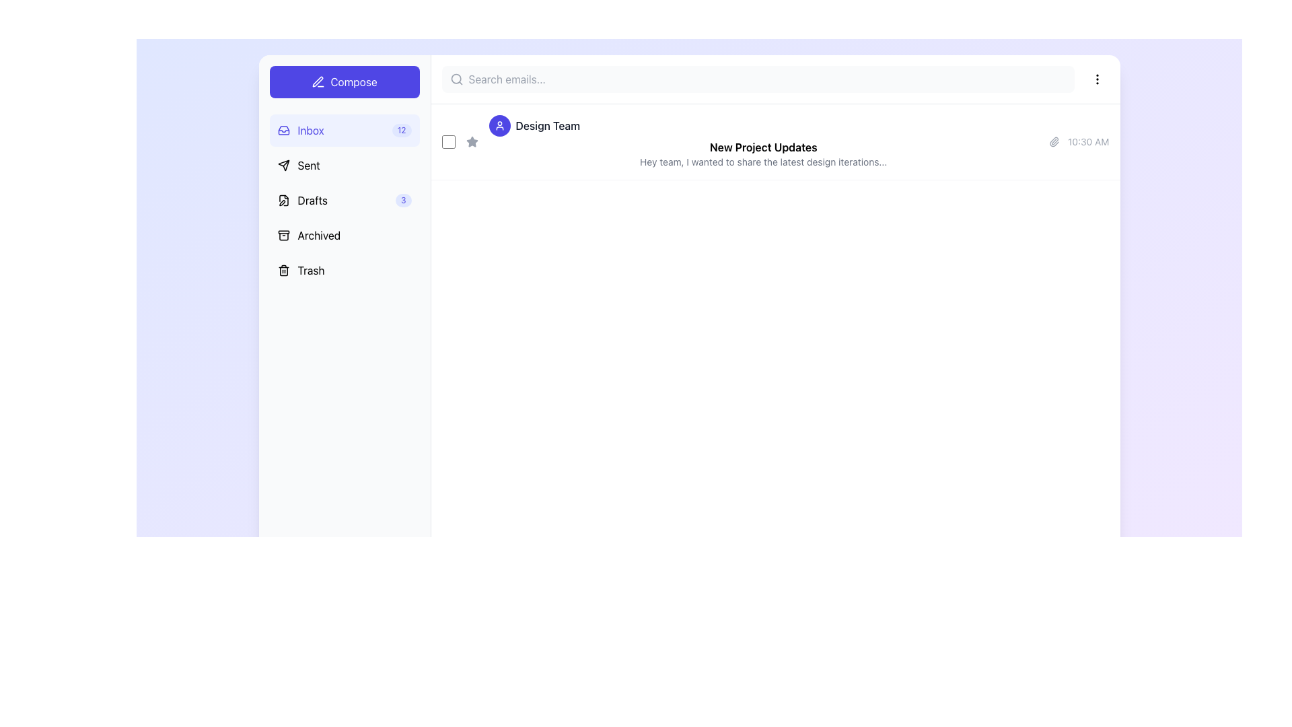 Image resolution: width=1292 pixels, height=727 pixels. What do you see at coordinates (472, 141) in the screenshot?
I see `the star icon that marks emails as important or favorite` at bounding box center [472, 141].